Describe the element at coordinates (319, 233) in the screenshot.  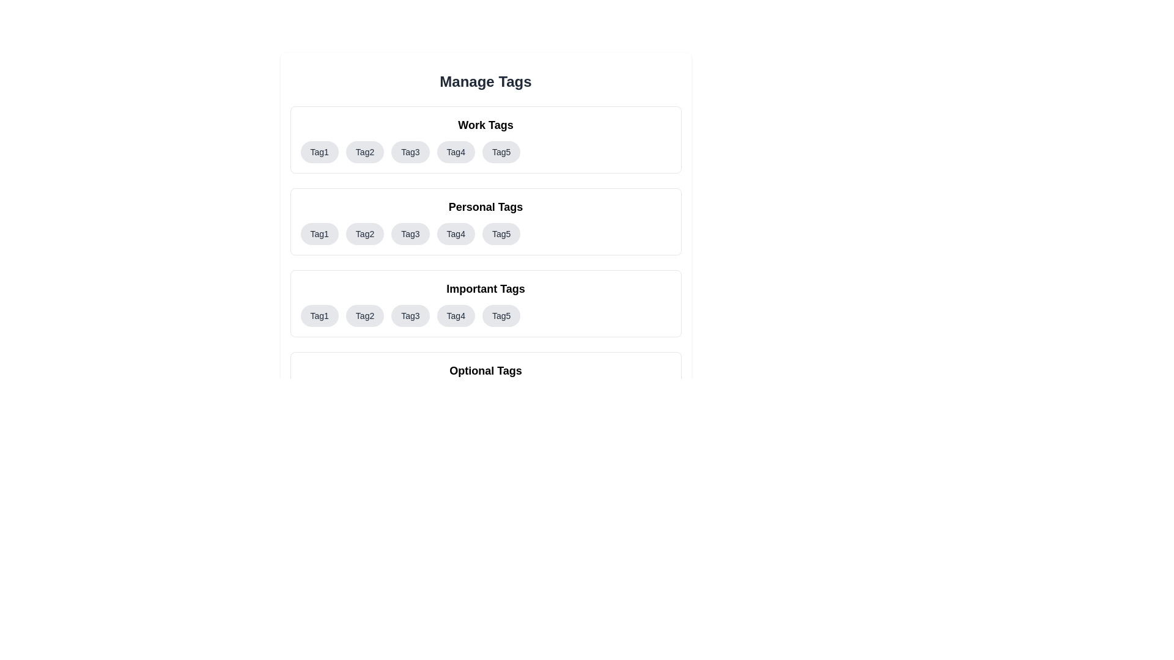
I see `the 'Tag1' button, which is a small, rounded rectangular element with a light gray background and dark gray text, located in the 'Personal Tags' section` at that location.